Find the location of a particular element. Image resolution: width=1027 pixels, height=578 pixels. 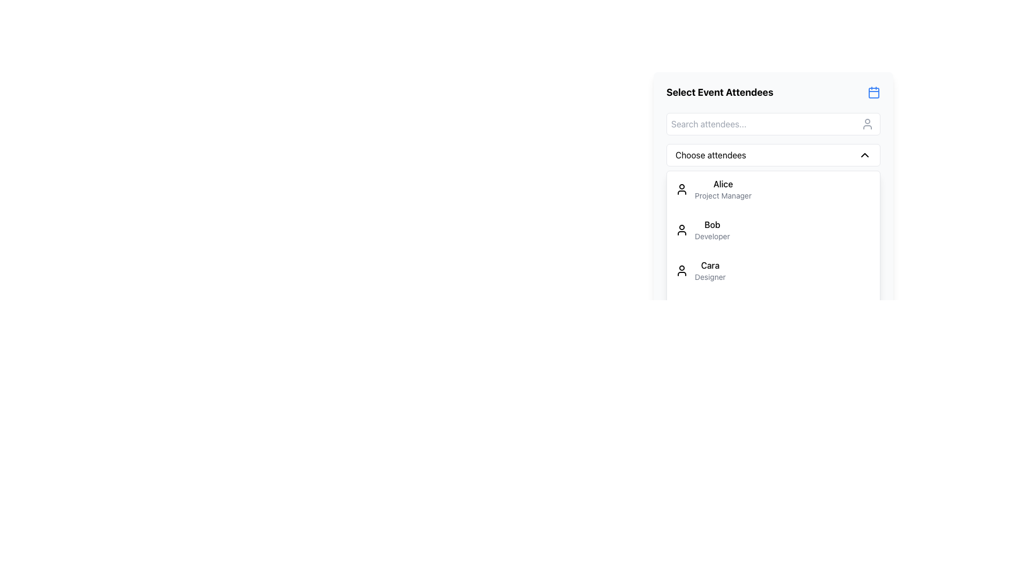

the first attendee label displaying their name and role, located directly under the 'Choose attendees' section is located at coordinates (723, 189).